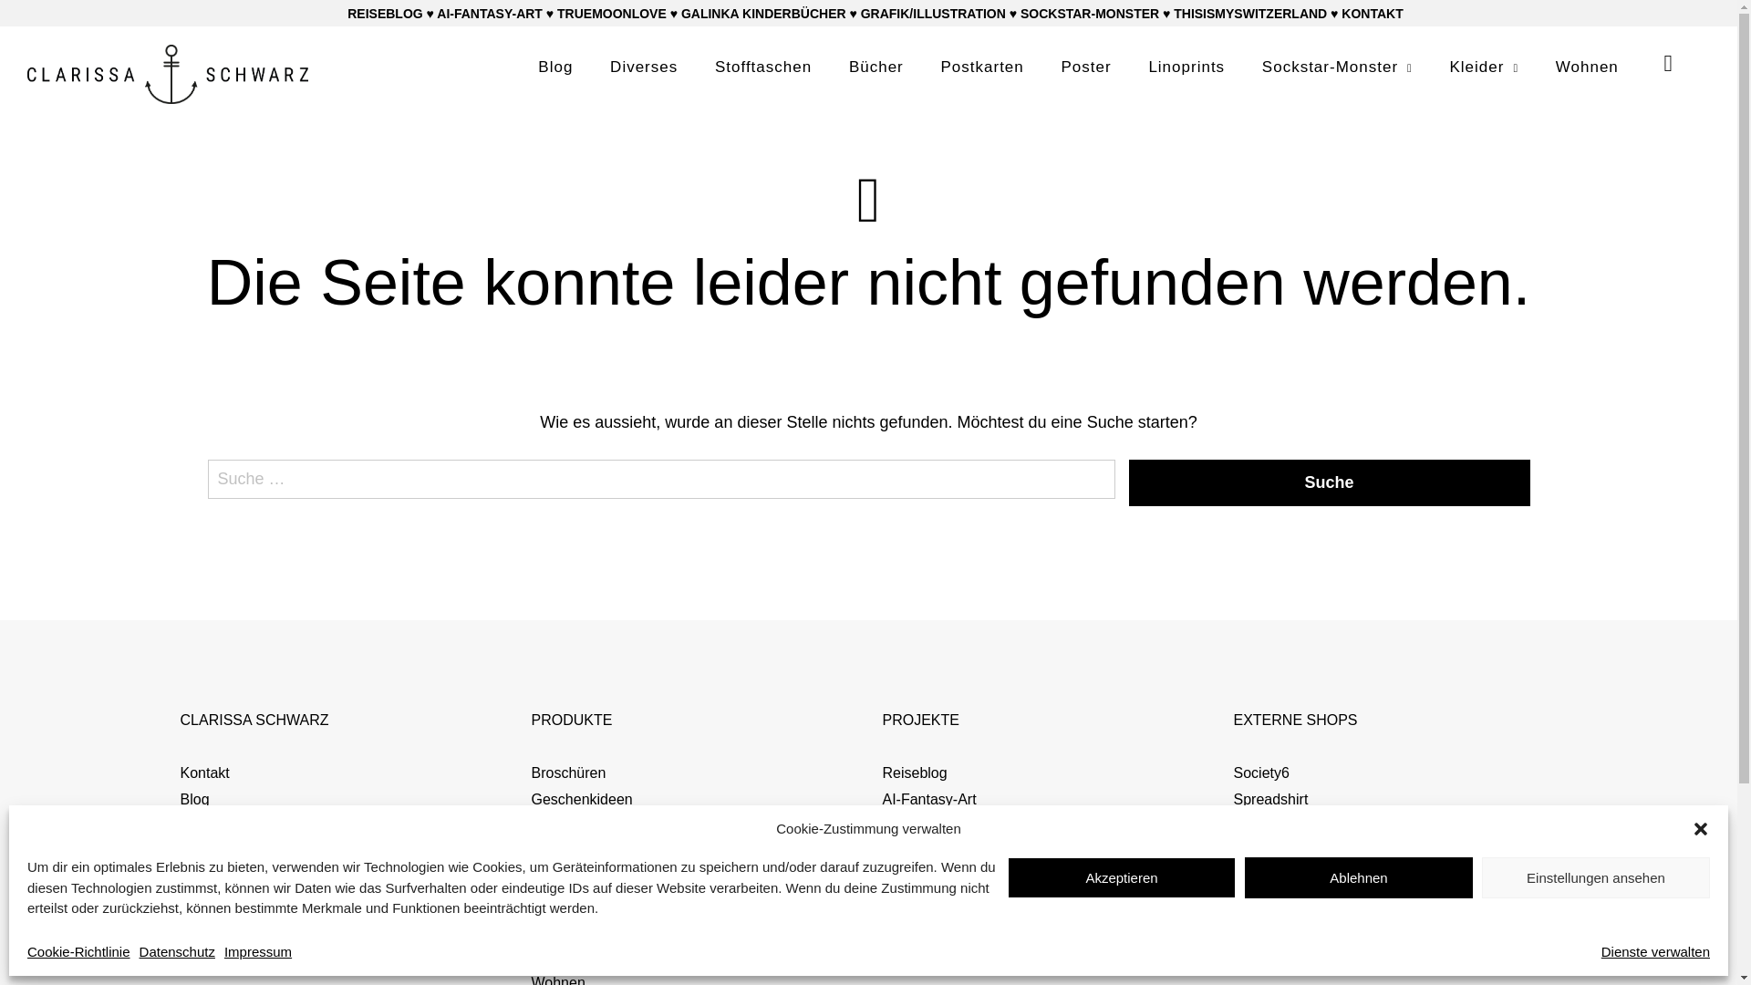  What do you see at coordinates (1655, 950) in the screenshot?
I see `'Dienste verwalten'` at bounding box center [1655, 950].